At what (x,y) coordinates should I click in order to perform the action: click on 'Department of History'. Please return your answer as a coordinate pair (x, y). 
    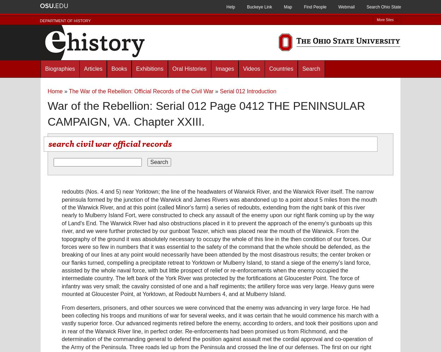
    Looking at the image, I should click on (65, 21).